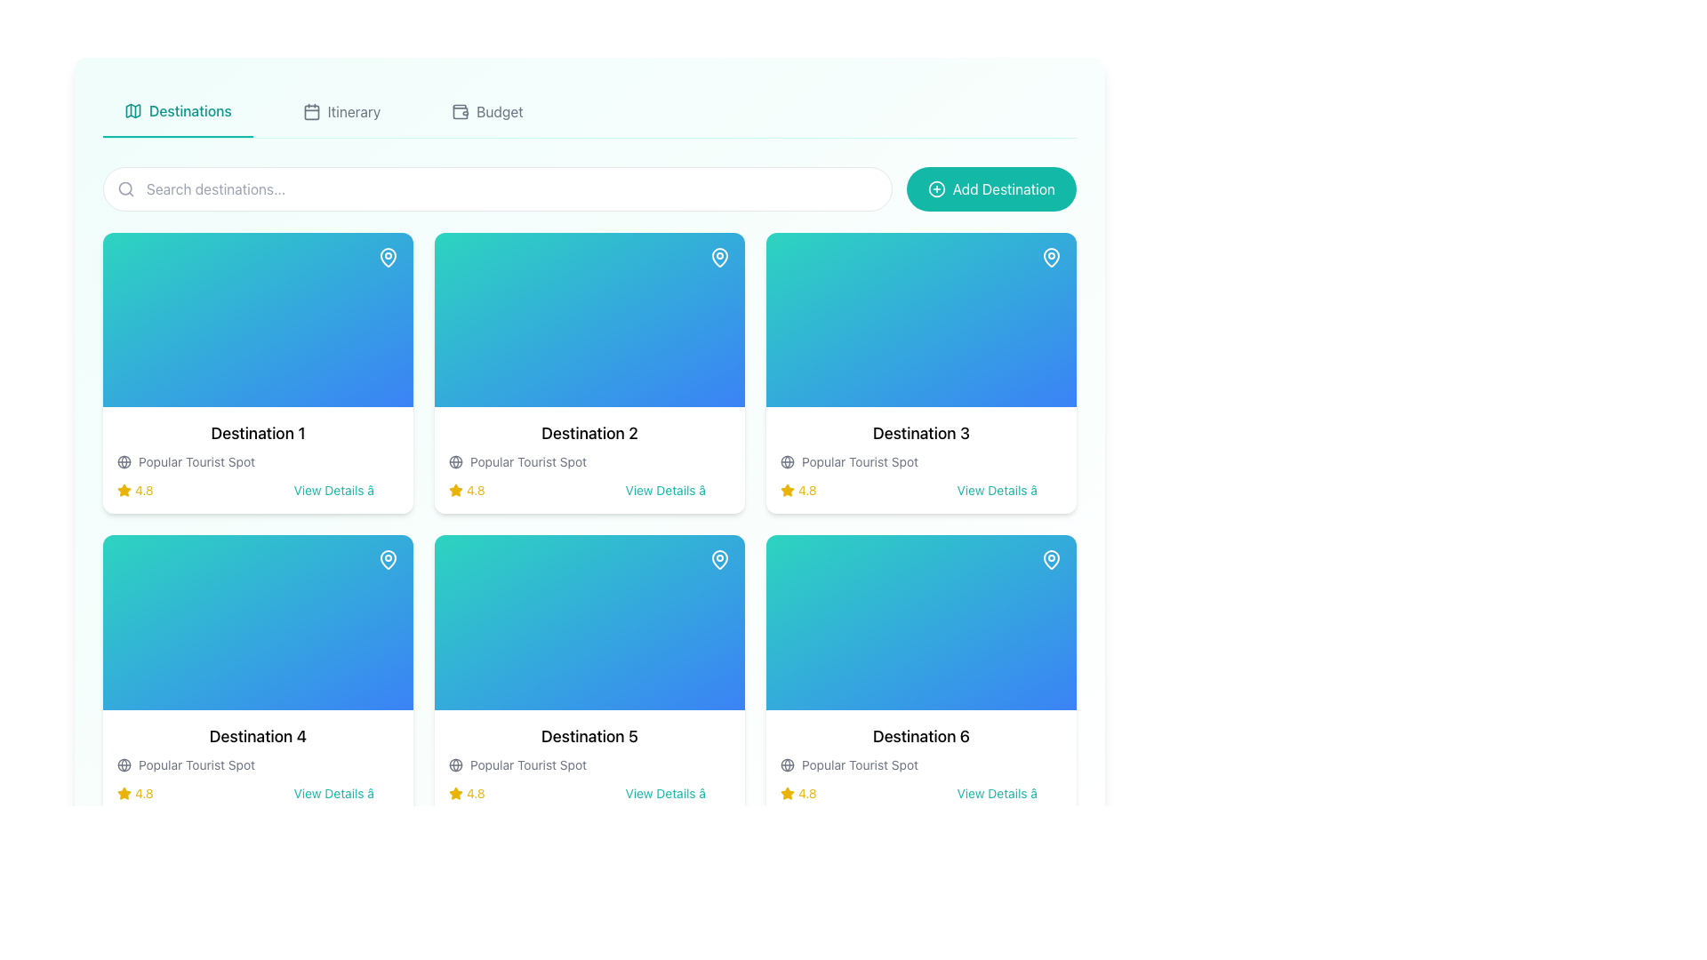  I want to click on the decorative location icon at the top-right corner of the 'Destination 1' card, which indicates pinning functionality, so click(387, 257).